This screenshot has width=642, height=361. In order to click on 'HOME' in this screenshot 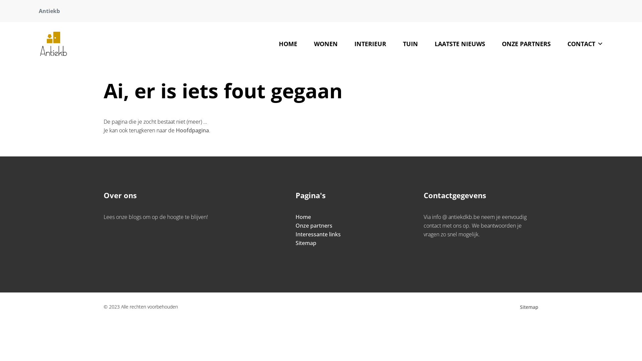, I will do `click(288, 44)`.